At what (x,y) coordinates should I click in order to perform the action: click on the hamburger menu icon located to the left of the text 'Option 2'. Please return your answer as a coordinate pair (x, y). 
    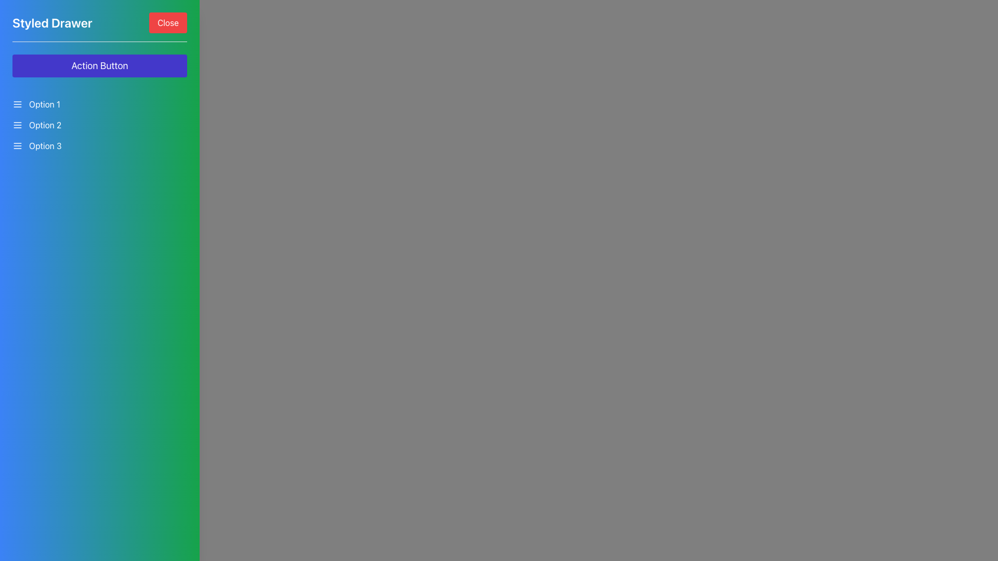
    Looking at the image, I should click on (17, 124).